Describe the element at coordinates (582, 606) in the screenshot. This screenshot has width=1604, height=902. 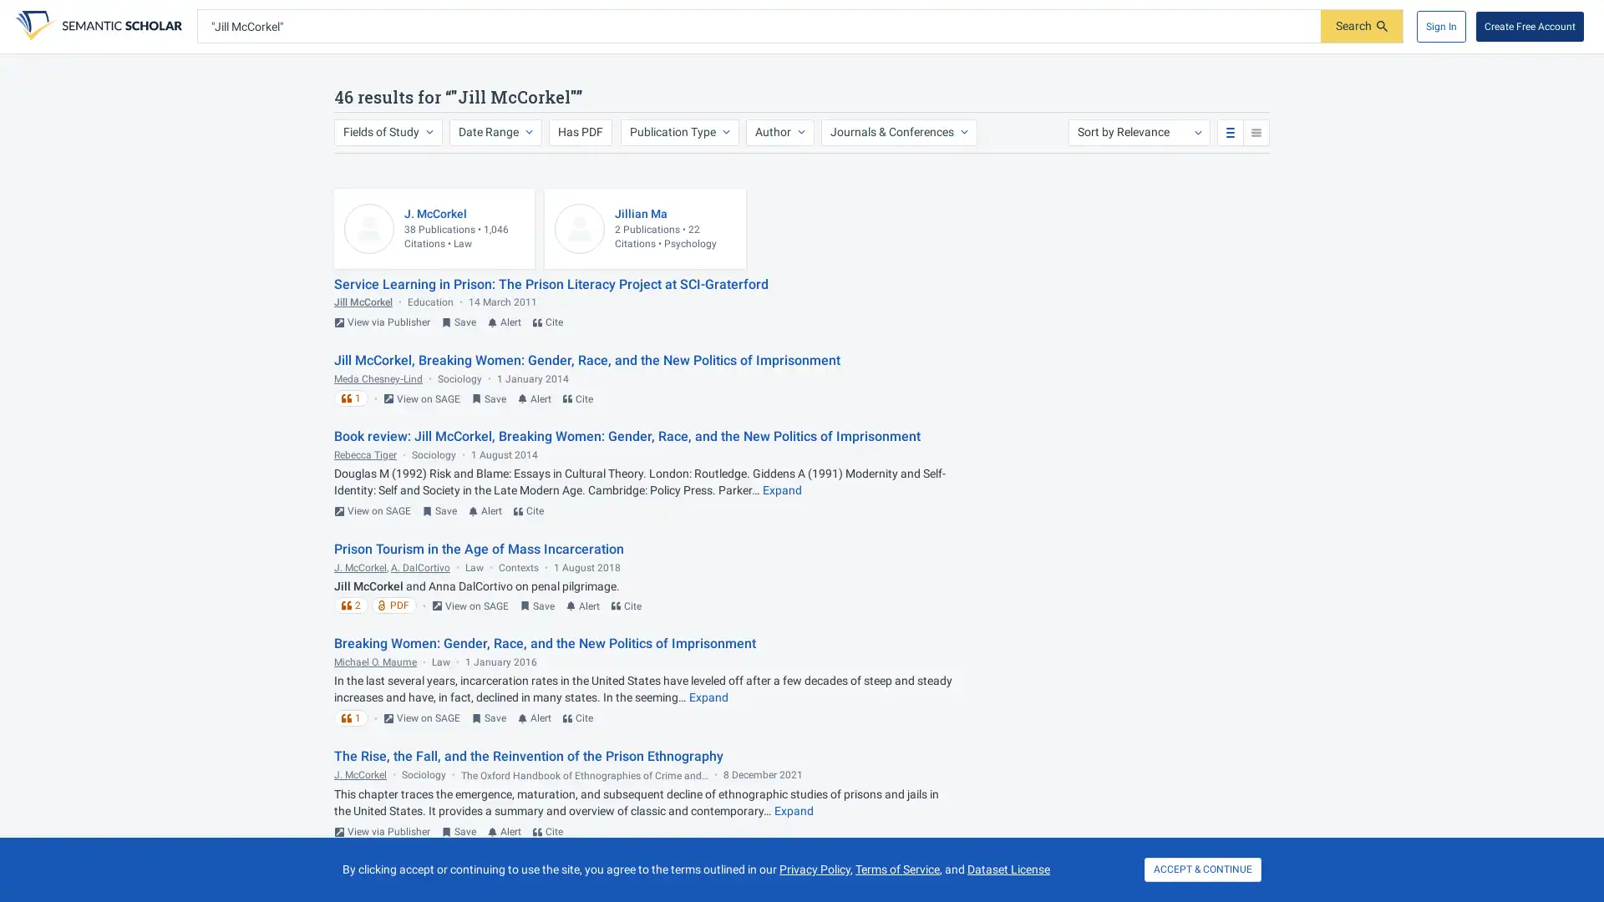
I see `Turn on email alert for this paper` at that location.